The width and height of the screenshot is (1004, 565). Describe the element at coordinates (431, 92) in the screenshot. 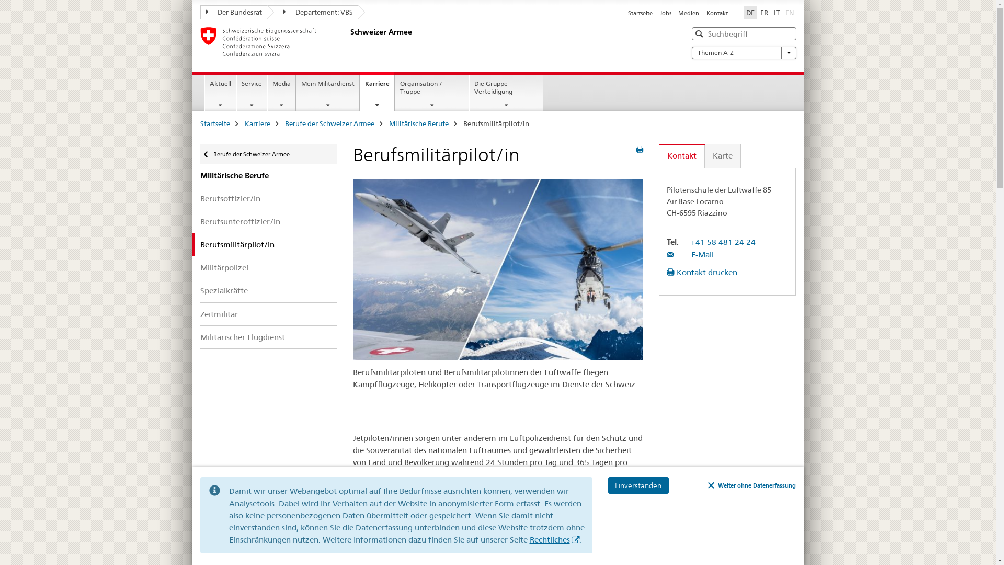

I see `'Organisation / Truppe'` at that location.